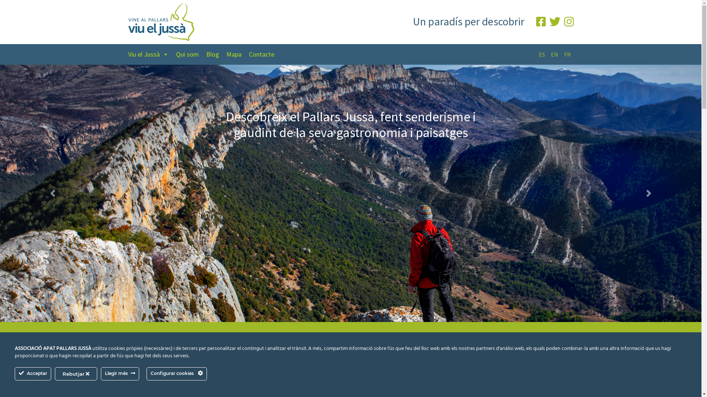 The height and width of the screenshot is (397, 707). What do you see at coordinates (567, 54) in the screenshot?
I see `'FR'` at bounding box center [567, 54].